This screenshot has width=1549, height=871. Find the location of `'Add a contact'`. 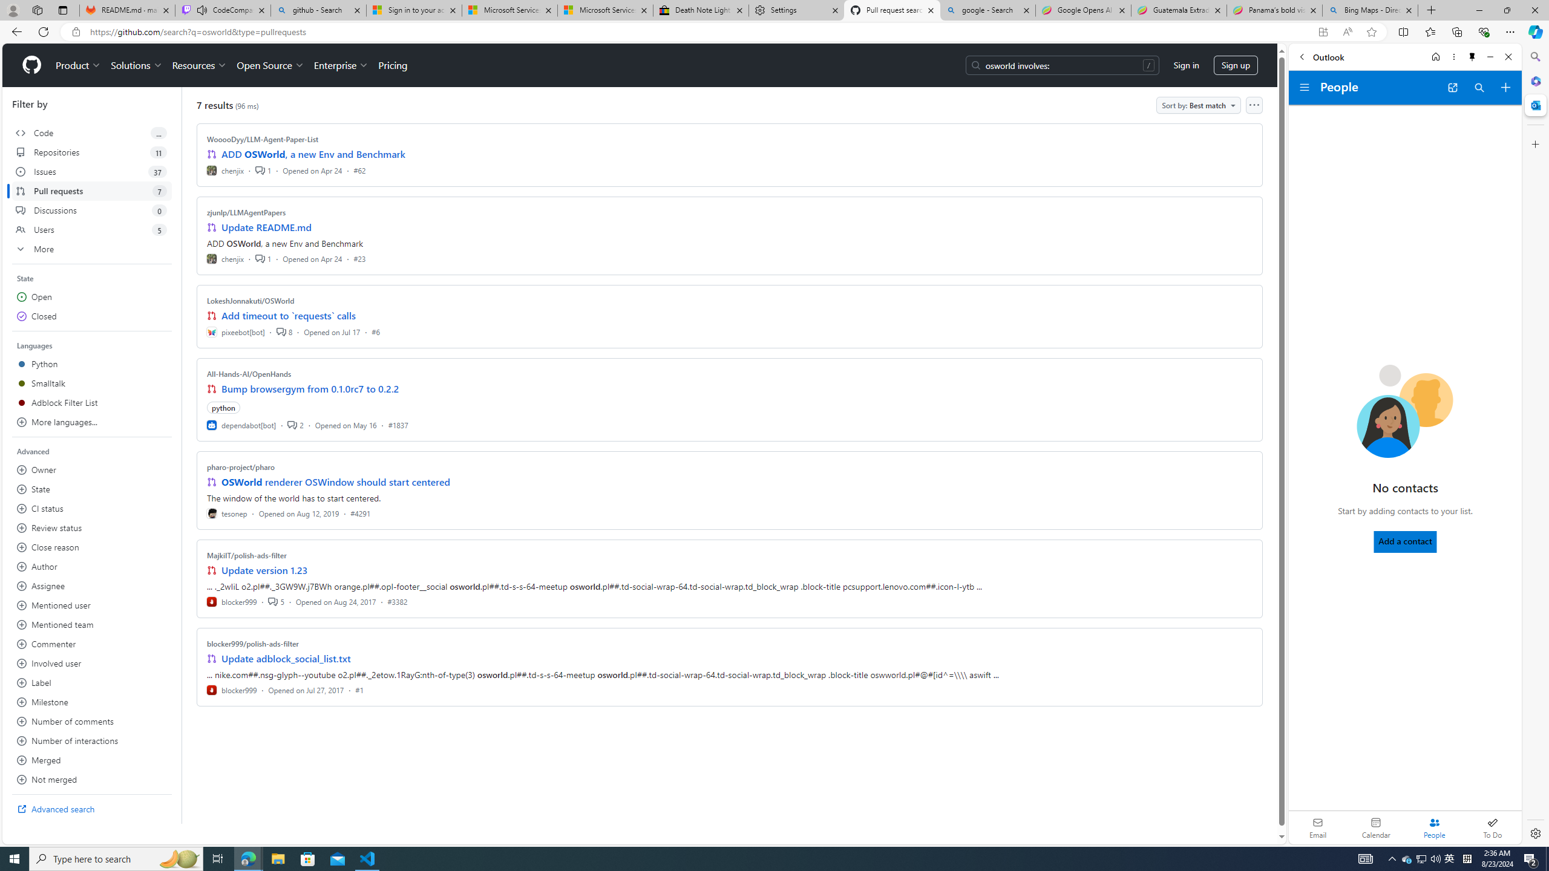

'Add a contact' is located at coordinates (1406, 541).